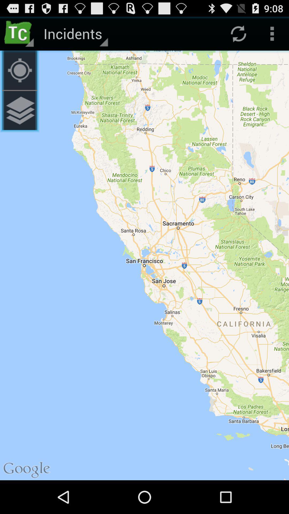 The width and height of the screenshot is (289, 514). Describe the element at coordinates (19, 33) in the screenshot. I see `the item to the left of the incidents app` at that location.